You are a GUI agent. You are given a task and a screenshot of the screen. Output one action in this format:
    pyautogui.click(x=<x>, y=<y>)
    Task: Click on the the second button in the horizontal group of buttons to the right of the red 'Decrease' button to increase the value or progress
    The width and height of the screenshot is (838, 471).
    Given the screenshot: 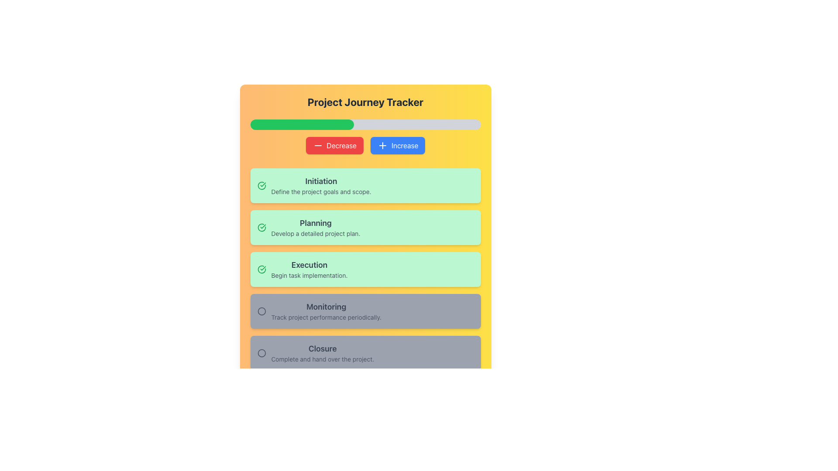 What is the action you would take?
    pyautogui.click(x=397, y=145)
    